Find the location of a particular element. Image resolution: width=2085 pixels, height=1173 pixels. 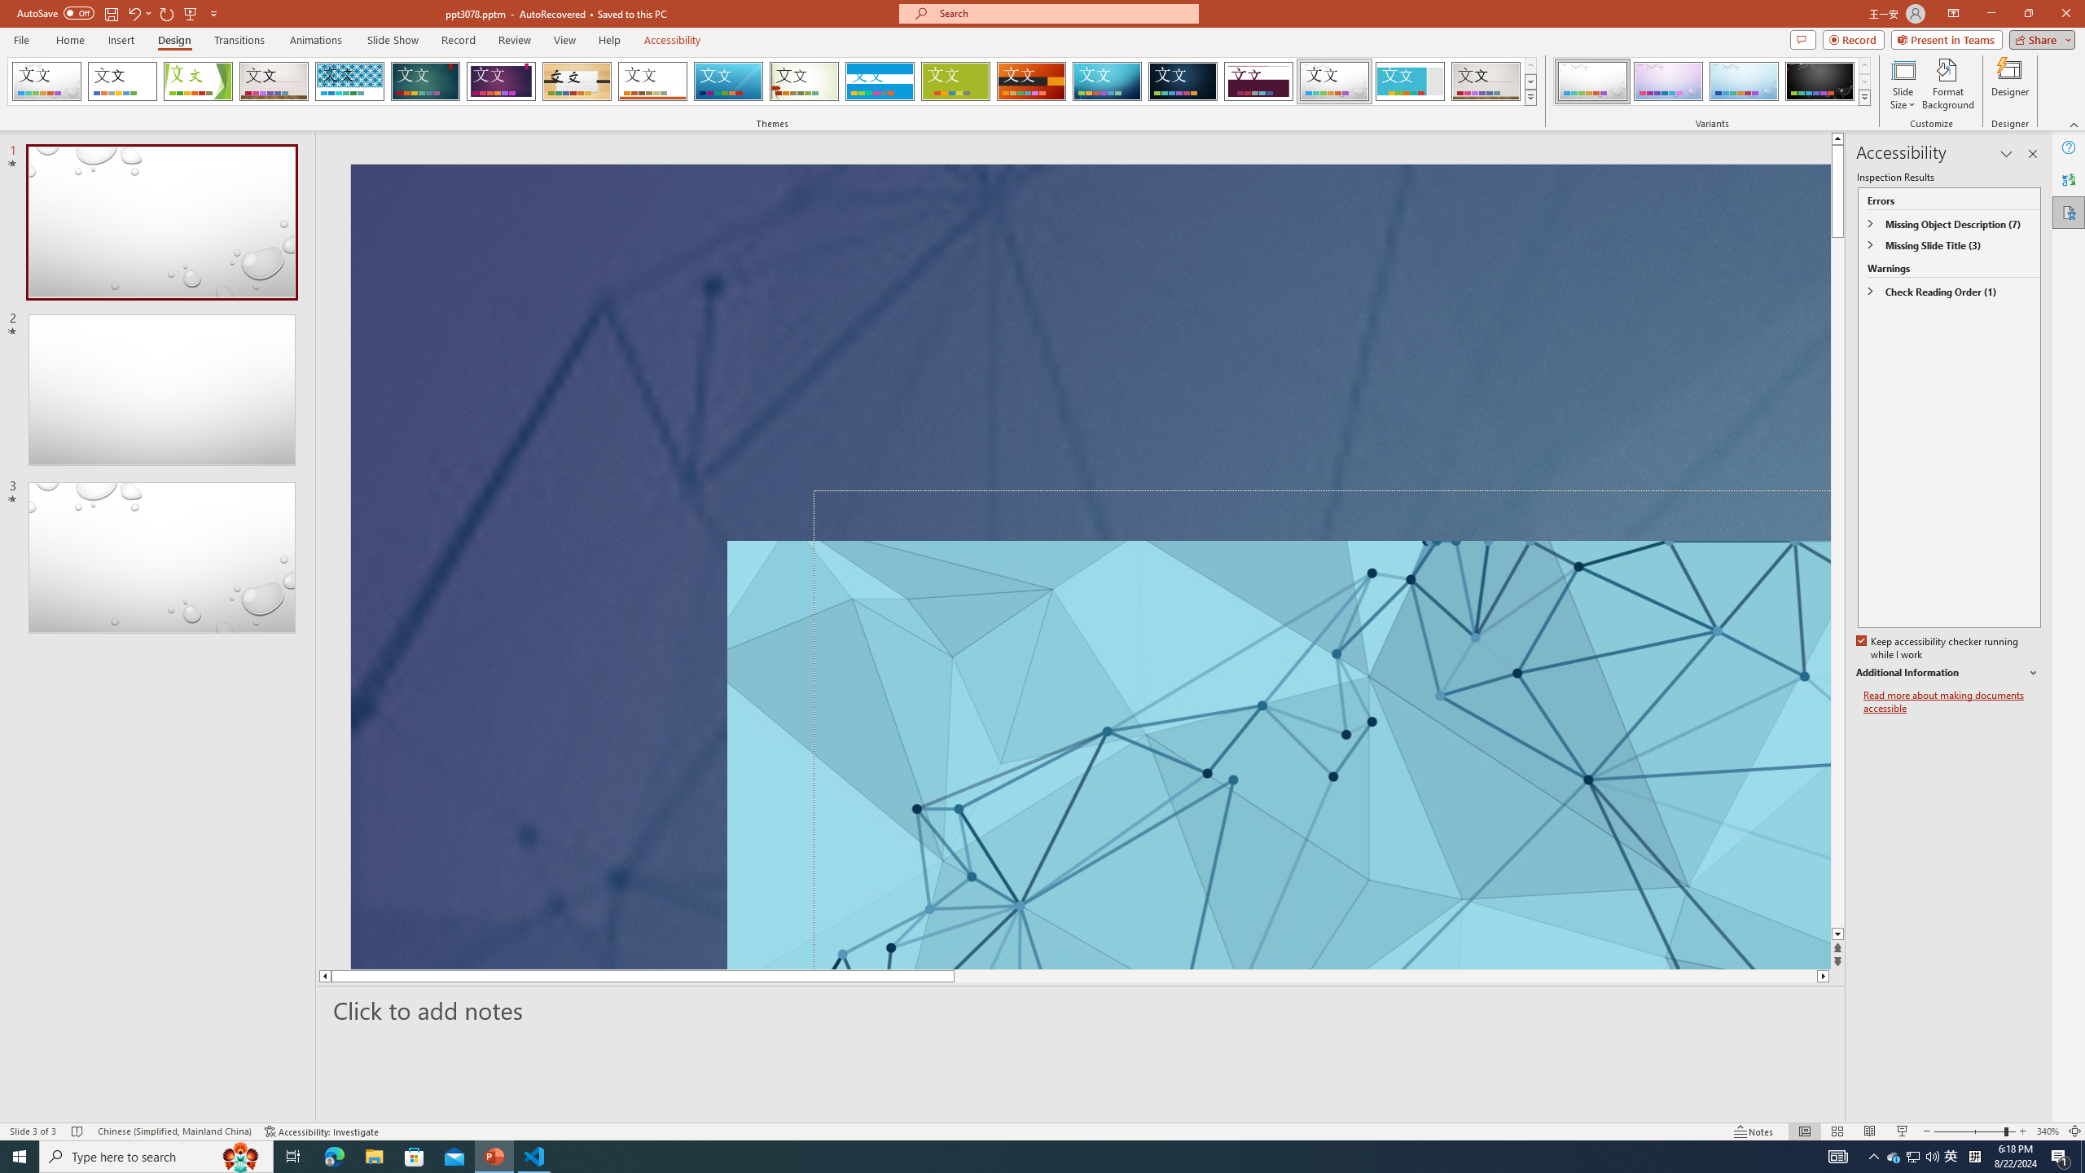

'Berlin' is located at coordinates (1032, 81).